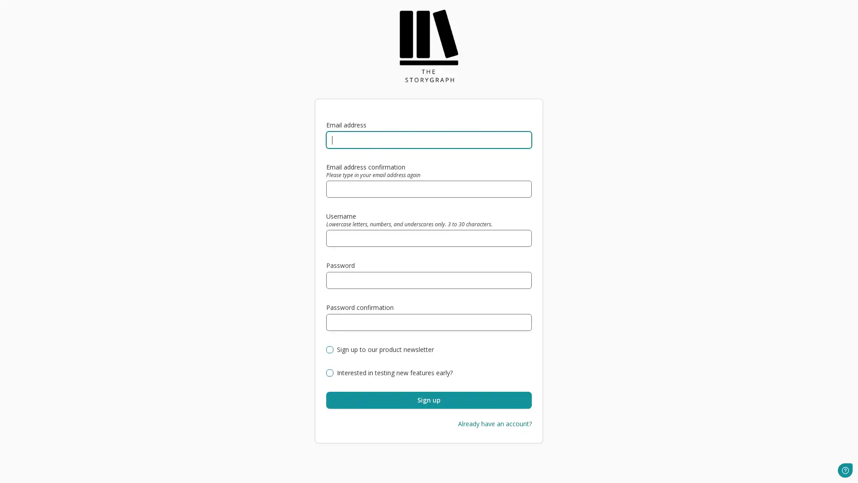 The width and height of the screenshot is (858, 483). I want to click on Sign up, so click(429, 399).